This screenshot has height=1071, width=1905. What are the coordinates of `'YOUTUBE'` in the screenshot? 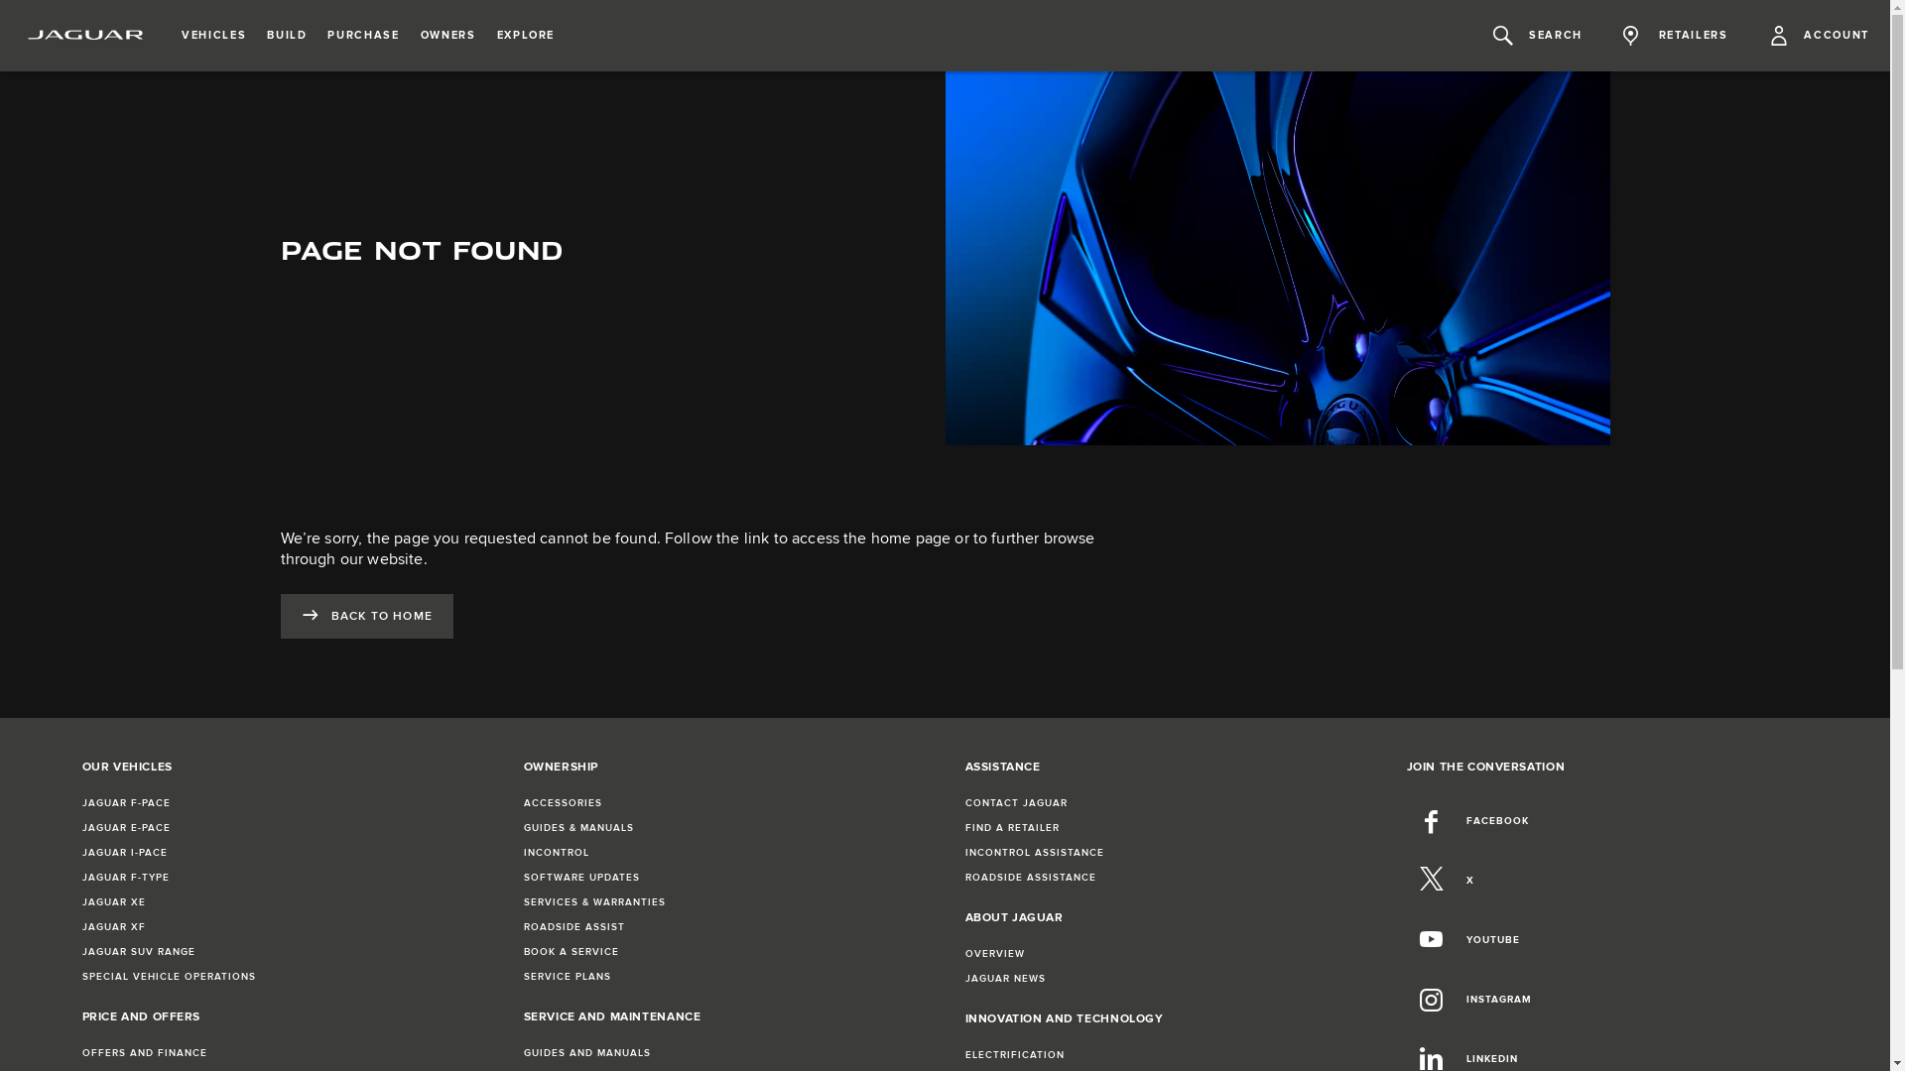 It's located at (1462, 939).